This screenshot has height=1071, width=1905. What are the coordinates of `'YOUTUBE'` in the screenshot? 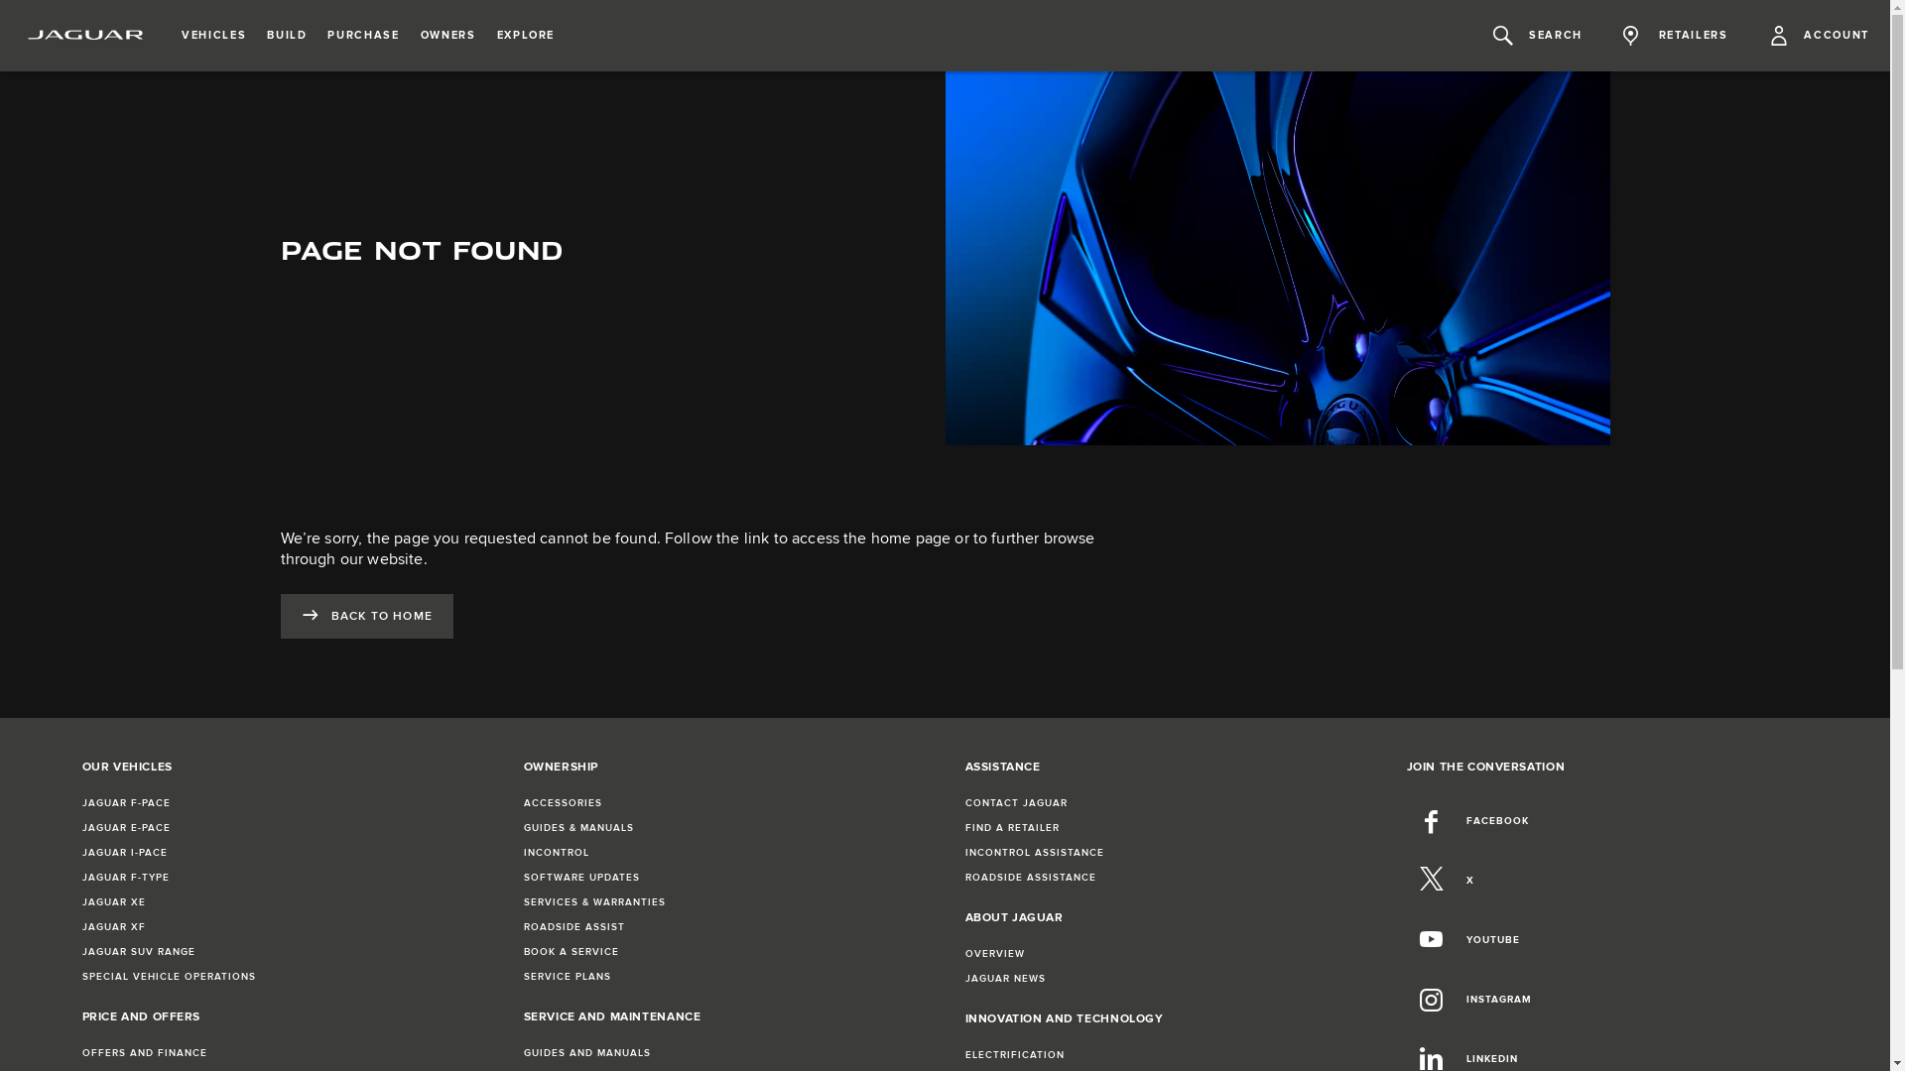 It's located at (1462, 939).